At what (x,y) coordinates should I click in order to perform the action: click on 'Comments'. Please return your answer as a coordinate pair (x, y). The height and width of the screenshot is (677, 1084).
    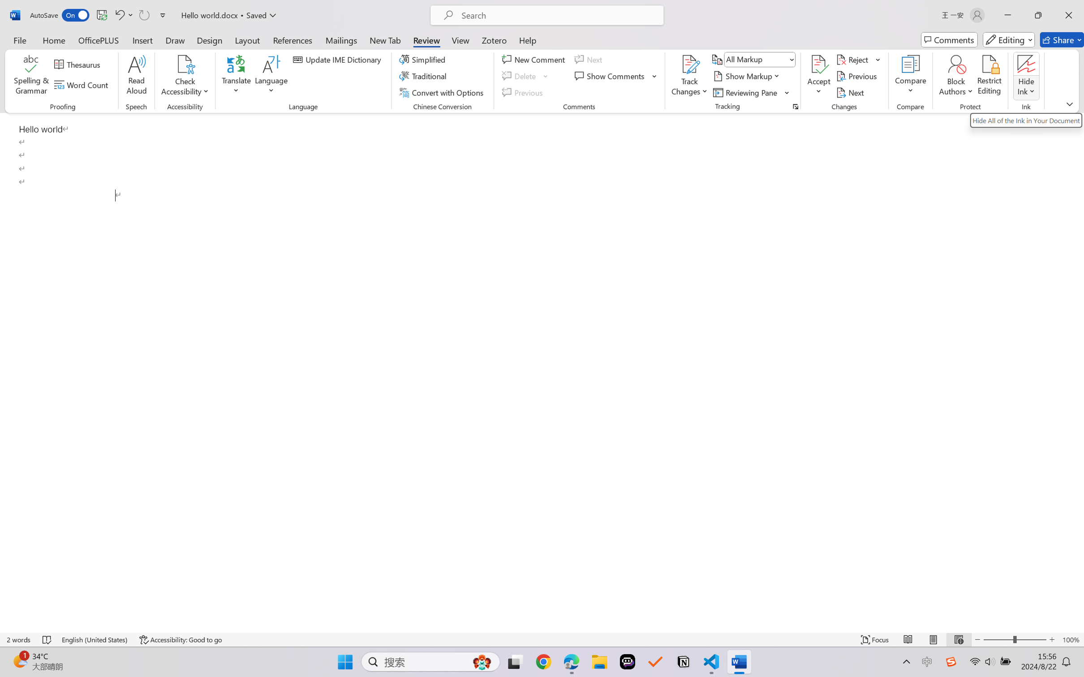
    Looking at the image, I should click on (949, 39).